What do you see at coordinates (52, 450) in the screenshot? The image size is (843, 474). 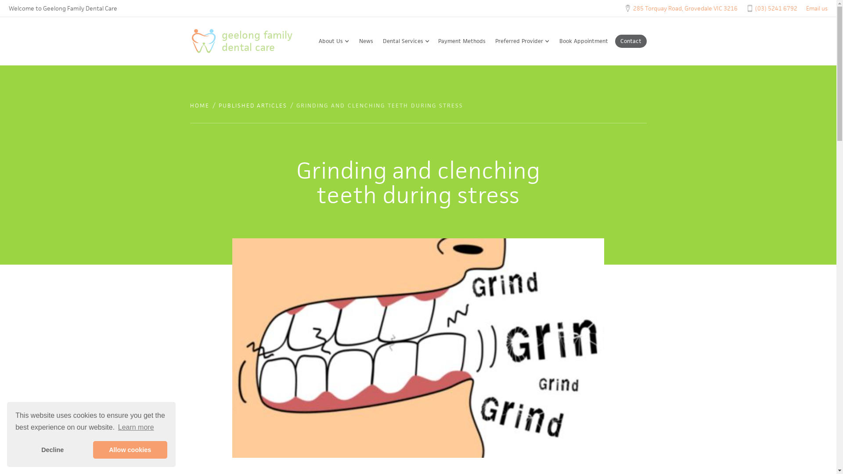 I see `'Decline'` at bounding box center [52, 450].